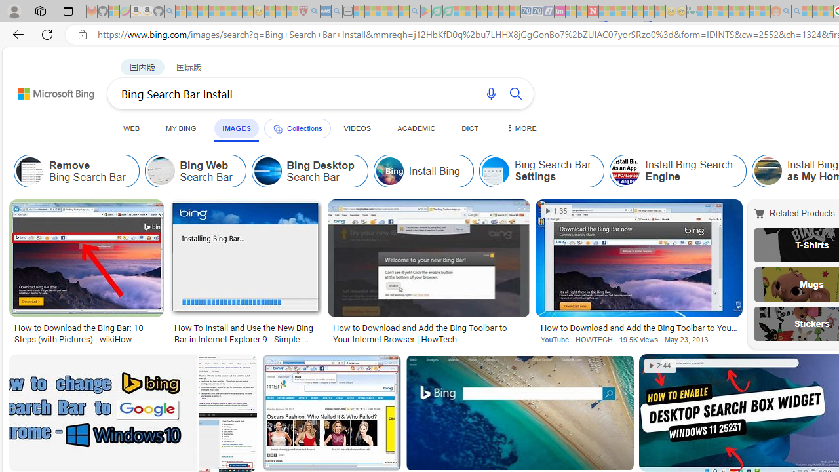 The width and height of the screenshot is (839, 472). Describe the element at coordinates (768, 170) in the screenshot. I see `'Install Bing as My Homepage'` at that location.